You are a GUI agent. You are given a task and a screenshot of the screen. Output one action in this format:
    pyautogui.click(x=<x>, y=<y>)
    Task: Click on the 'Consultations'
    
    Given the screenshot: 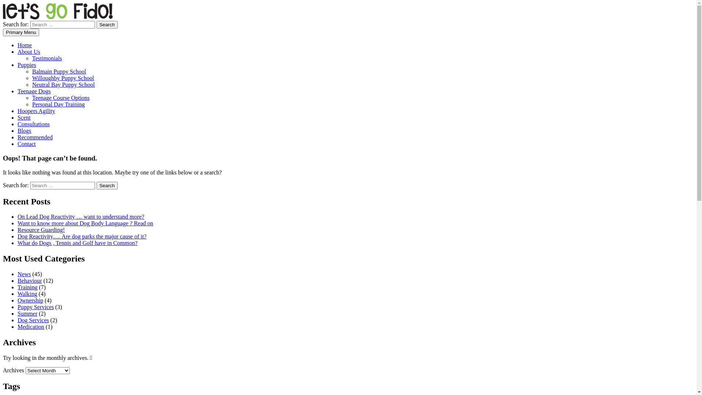 What is the action you would take?
    pyautogui.click(x=18, y=124)
    